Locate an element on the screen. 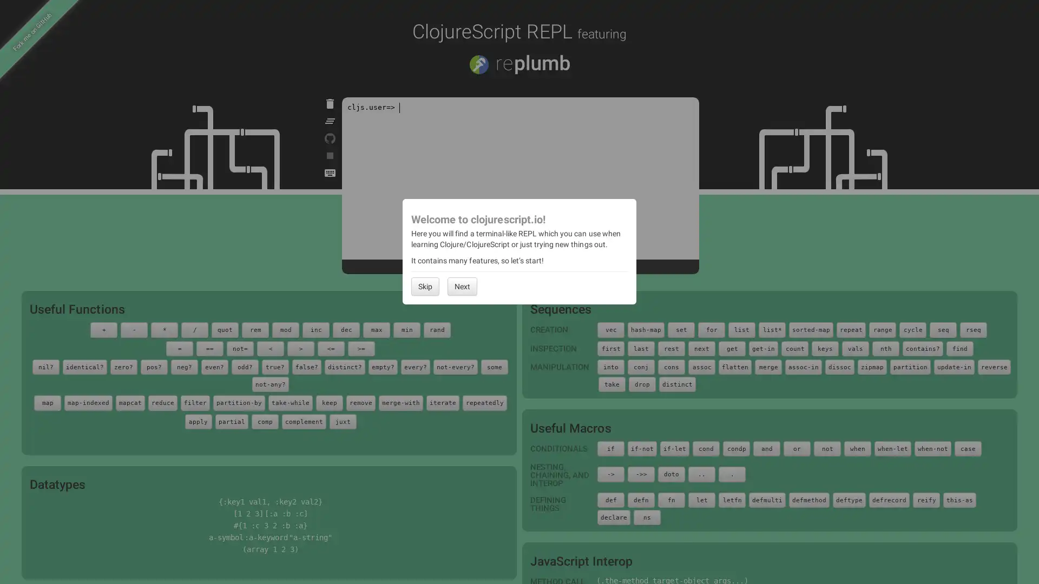  declare is located at coordinates (614, 516).